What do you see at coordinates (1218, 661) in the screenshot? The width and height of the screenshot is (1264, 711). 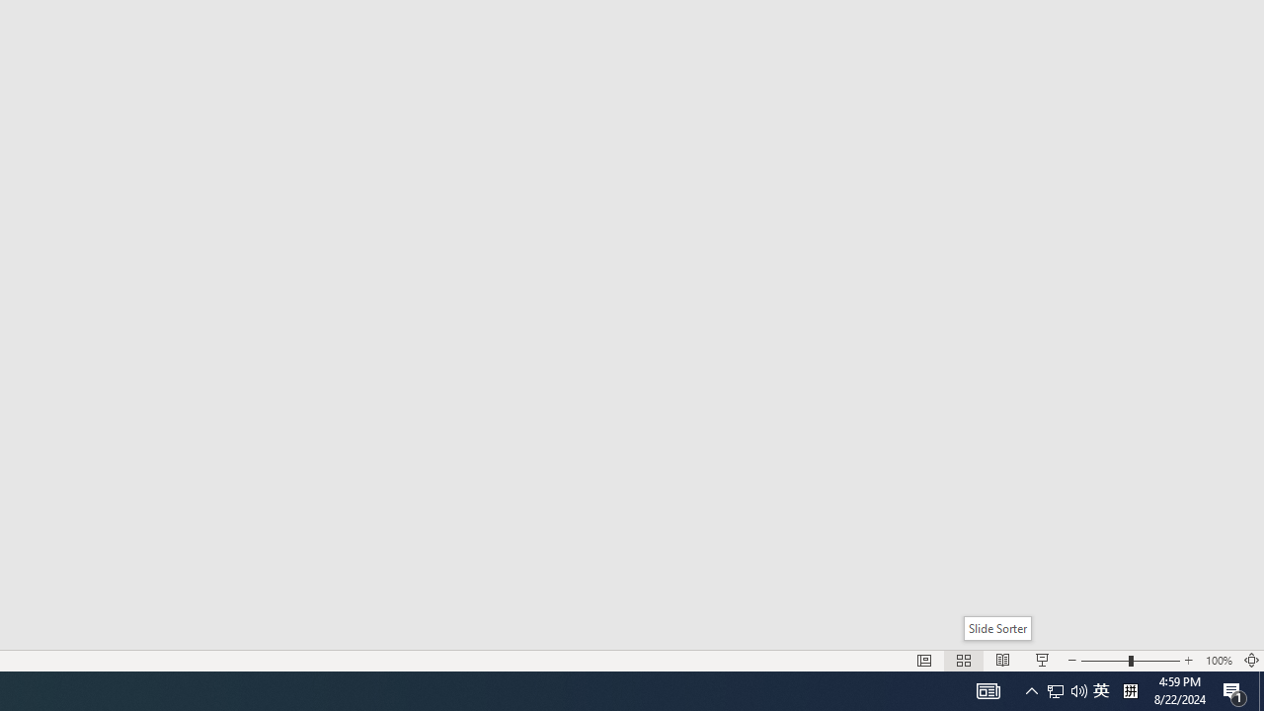 I see `'Zoom 100%'` at bounding box center [1218, 661].